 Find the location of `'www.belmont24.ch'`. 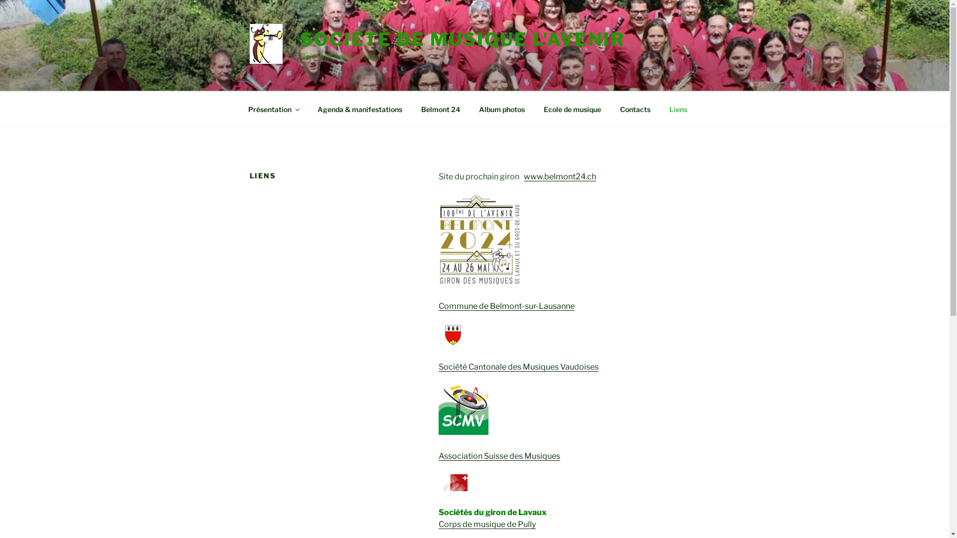

'www.belmont24.ch' is located at coordinates (560, 176).